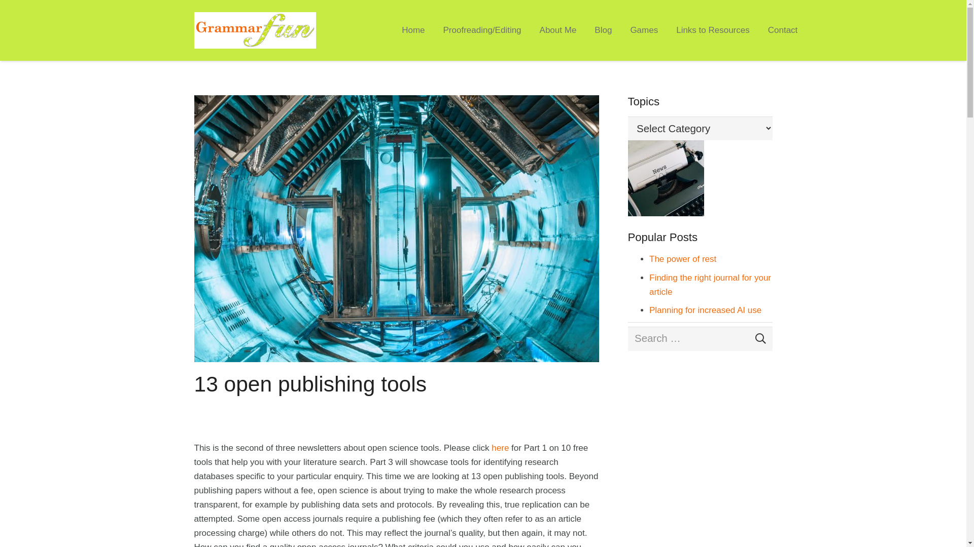  Describe the element at coordinates (481, 30) in the screenshot. I see `'Proofreading/Editing'` at that location.